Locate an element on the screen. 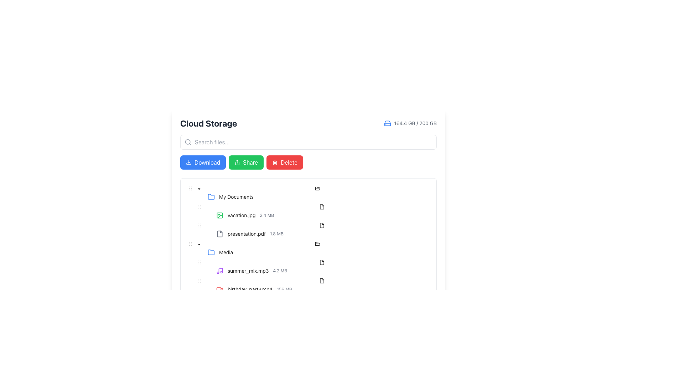 Image resolution: width=684 pixels, height=384 pixels. the file icon representing 'birthday_party.mp4' is located at coordinates (321, 281).